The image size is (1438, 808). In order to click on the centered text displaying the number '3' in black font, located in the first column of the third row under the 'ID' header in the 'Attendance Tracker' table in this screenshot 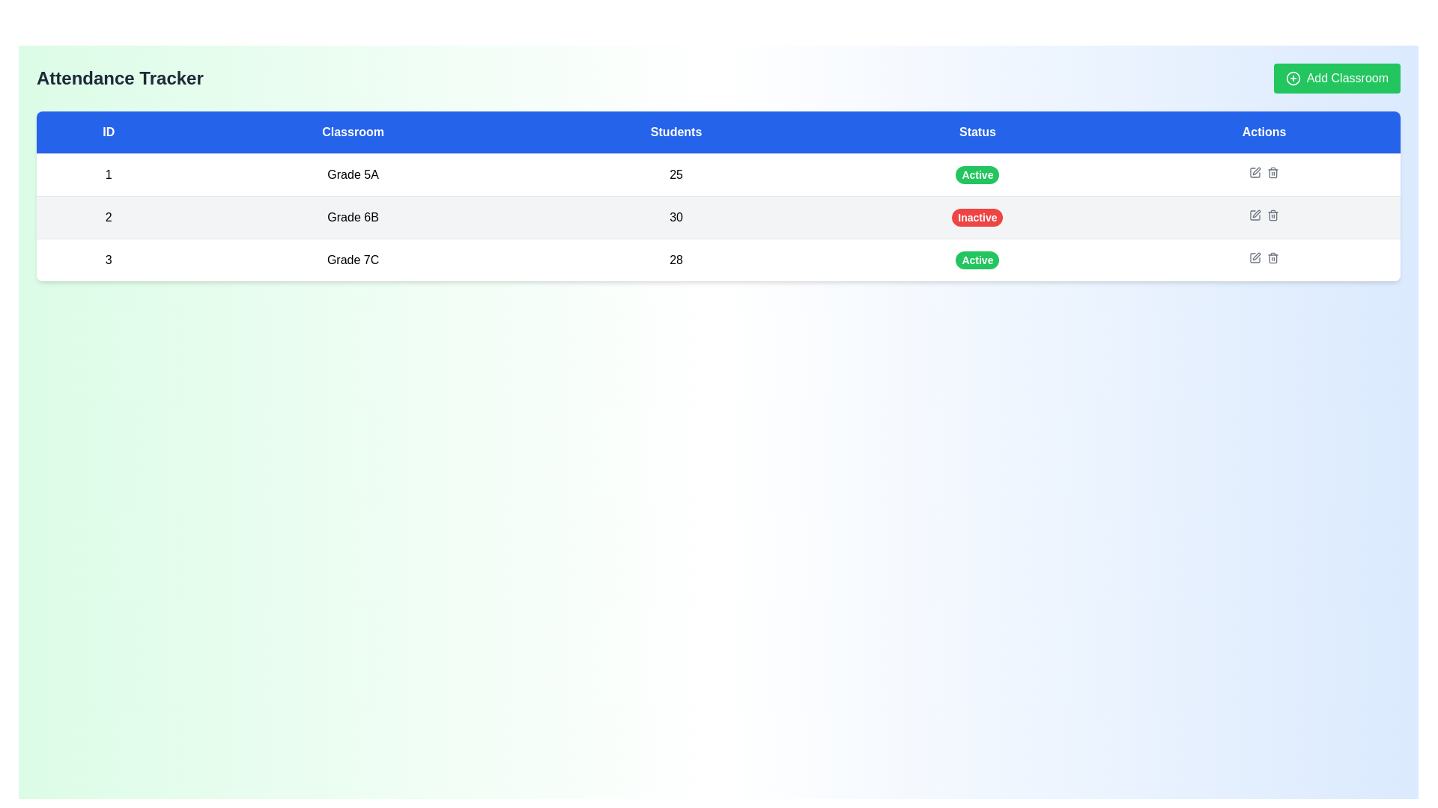, I will do `click(108, 259)`.